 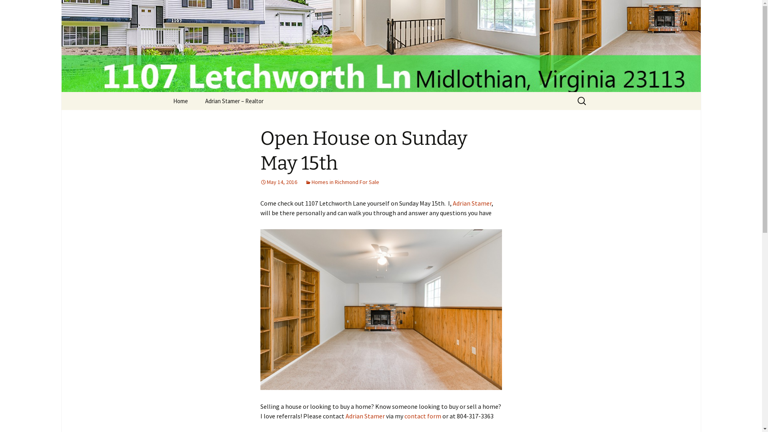 I want to click on 'Homes in Richmond For Sale', so click(x=342, y=182).